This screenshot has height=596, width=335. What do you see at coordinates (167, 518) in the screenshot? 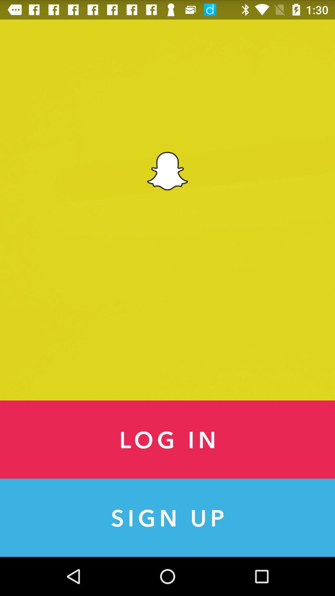
I see `the sign up icon` at bounding box center [167, 518].